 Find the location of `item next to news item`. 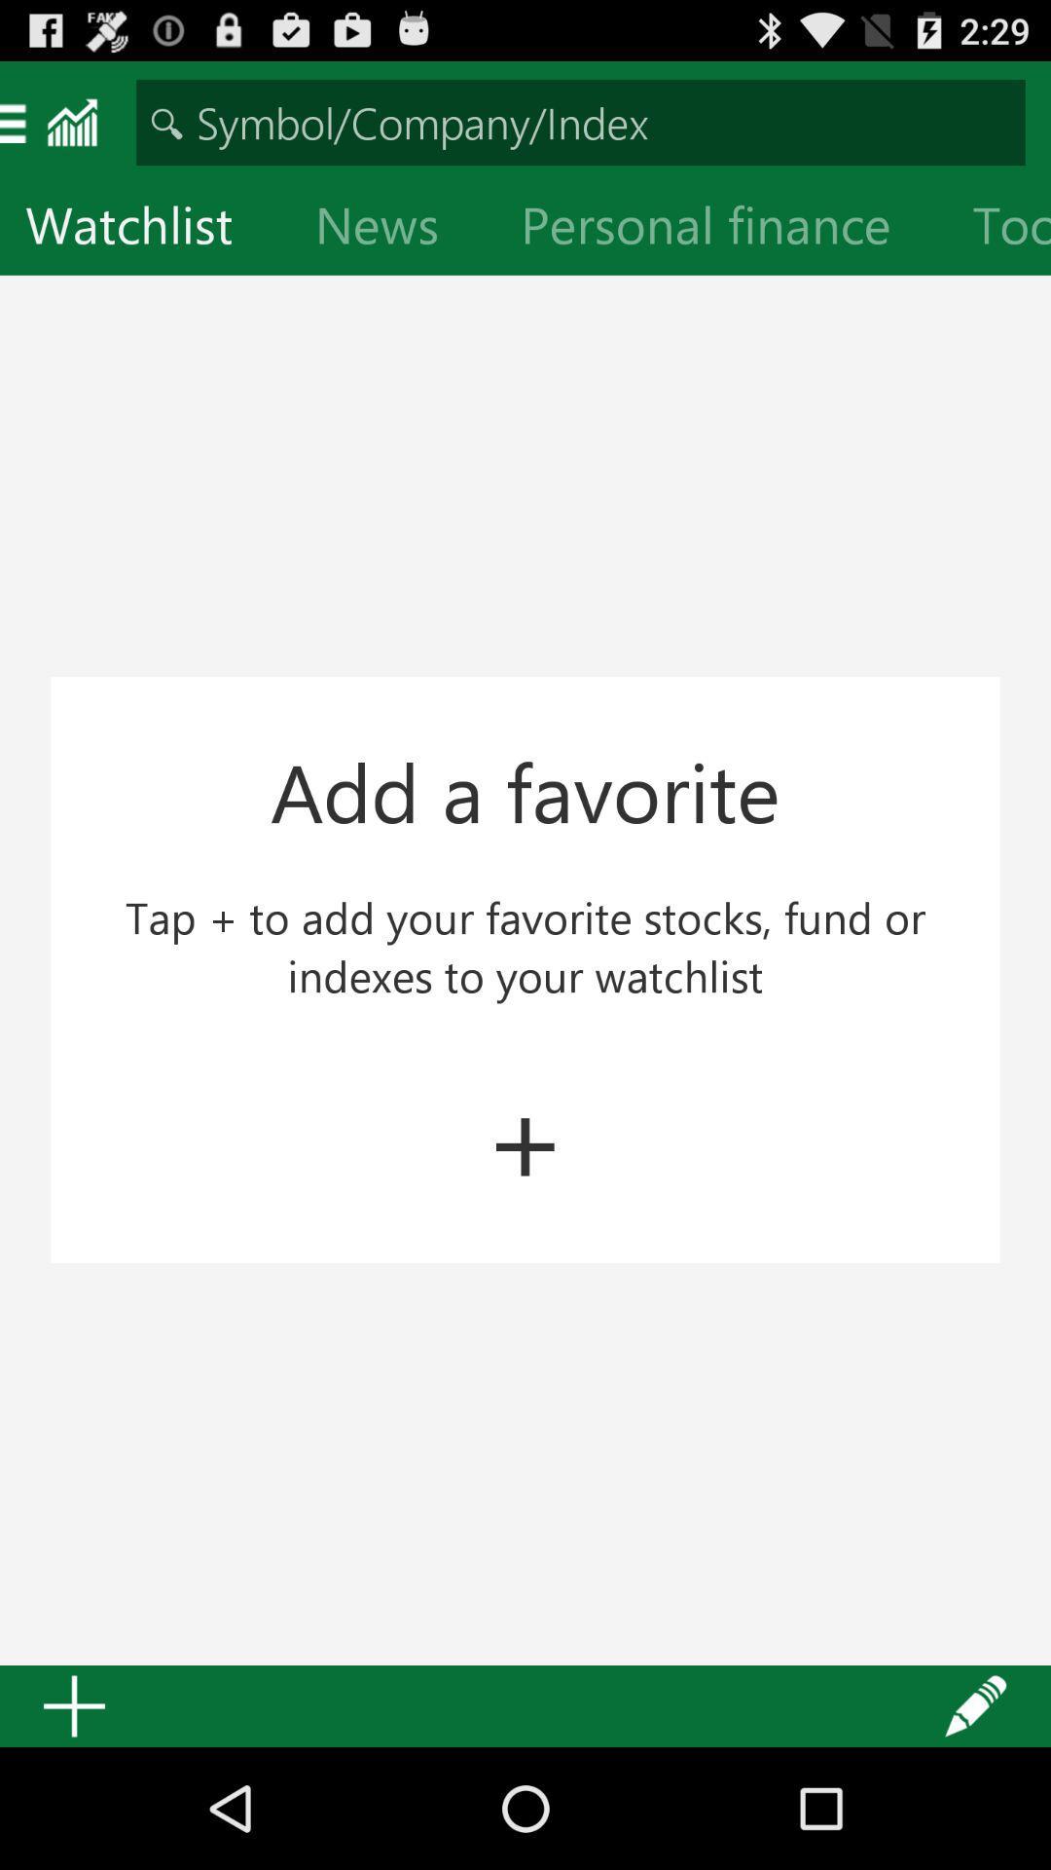

item next to news item is located at coordinates (721, 229).